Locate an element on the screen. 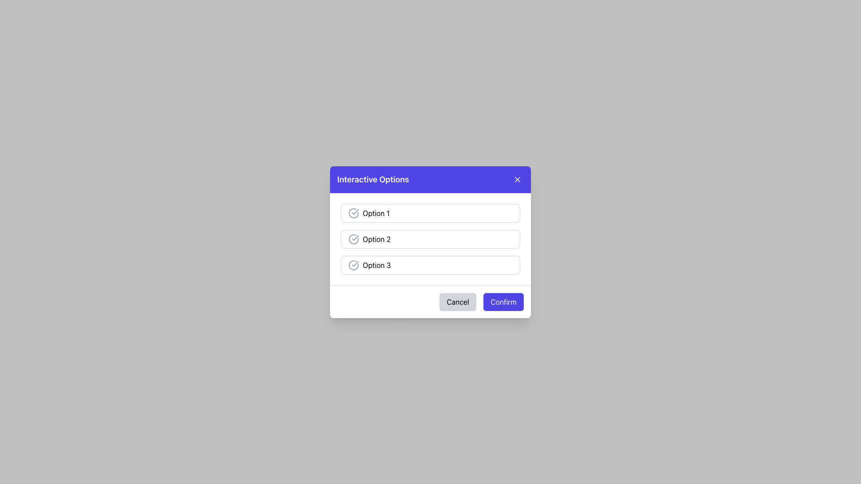 The width and height of the screenshot is (861, 484). the 'Cancel' button, which is a light gray rectangular button with rounded corners located at the bottom-right area of a card layout, to observe a background color change is located at coordinates (458, 302).